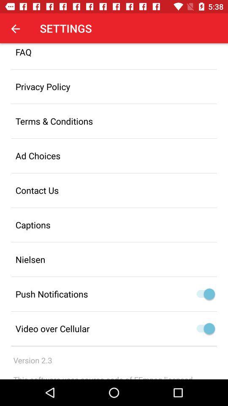 This screenshot has width=228, height=406. What do you see at coordinates (114, 56) in the screenshot?
I see `the faq item` at bounding box center [114, 56].